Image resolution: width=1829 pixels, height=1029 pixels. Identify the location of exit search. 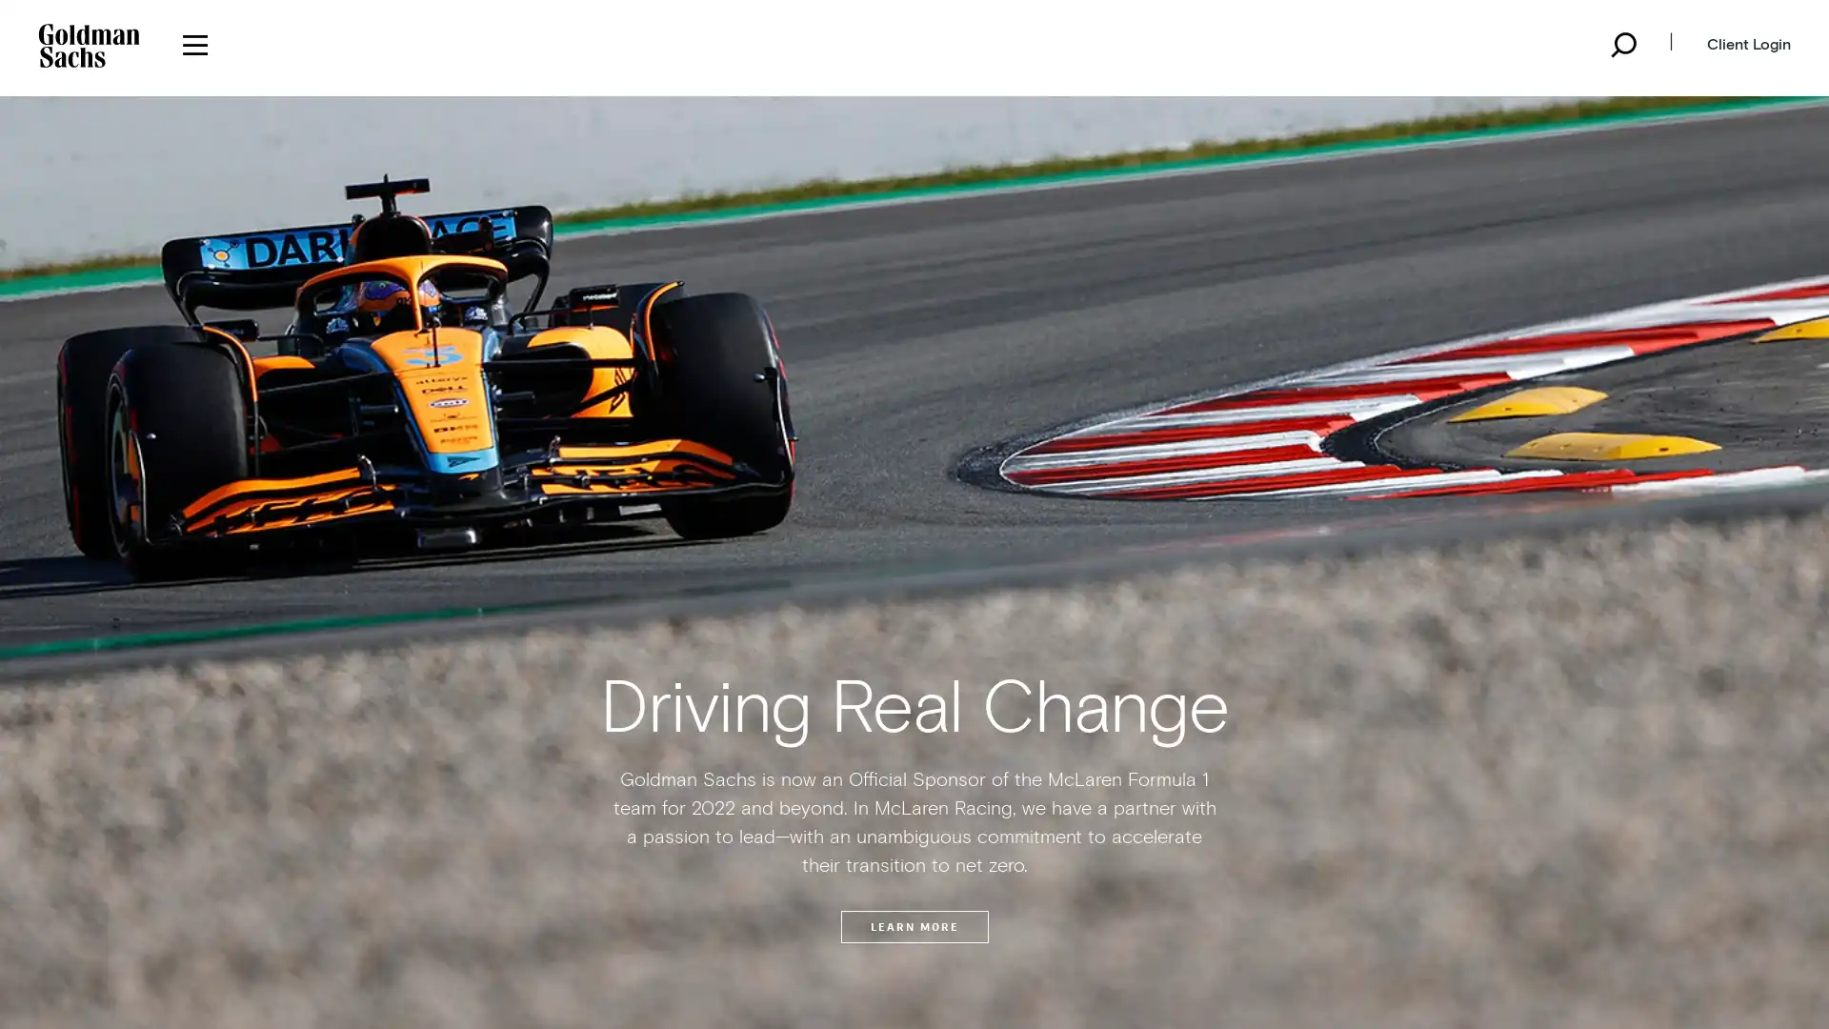
(913, 594).